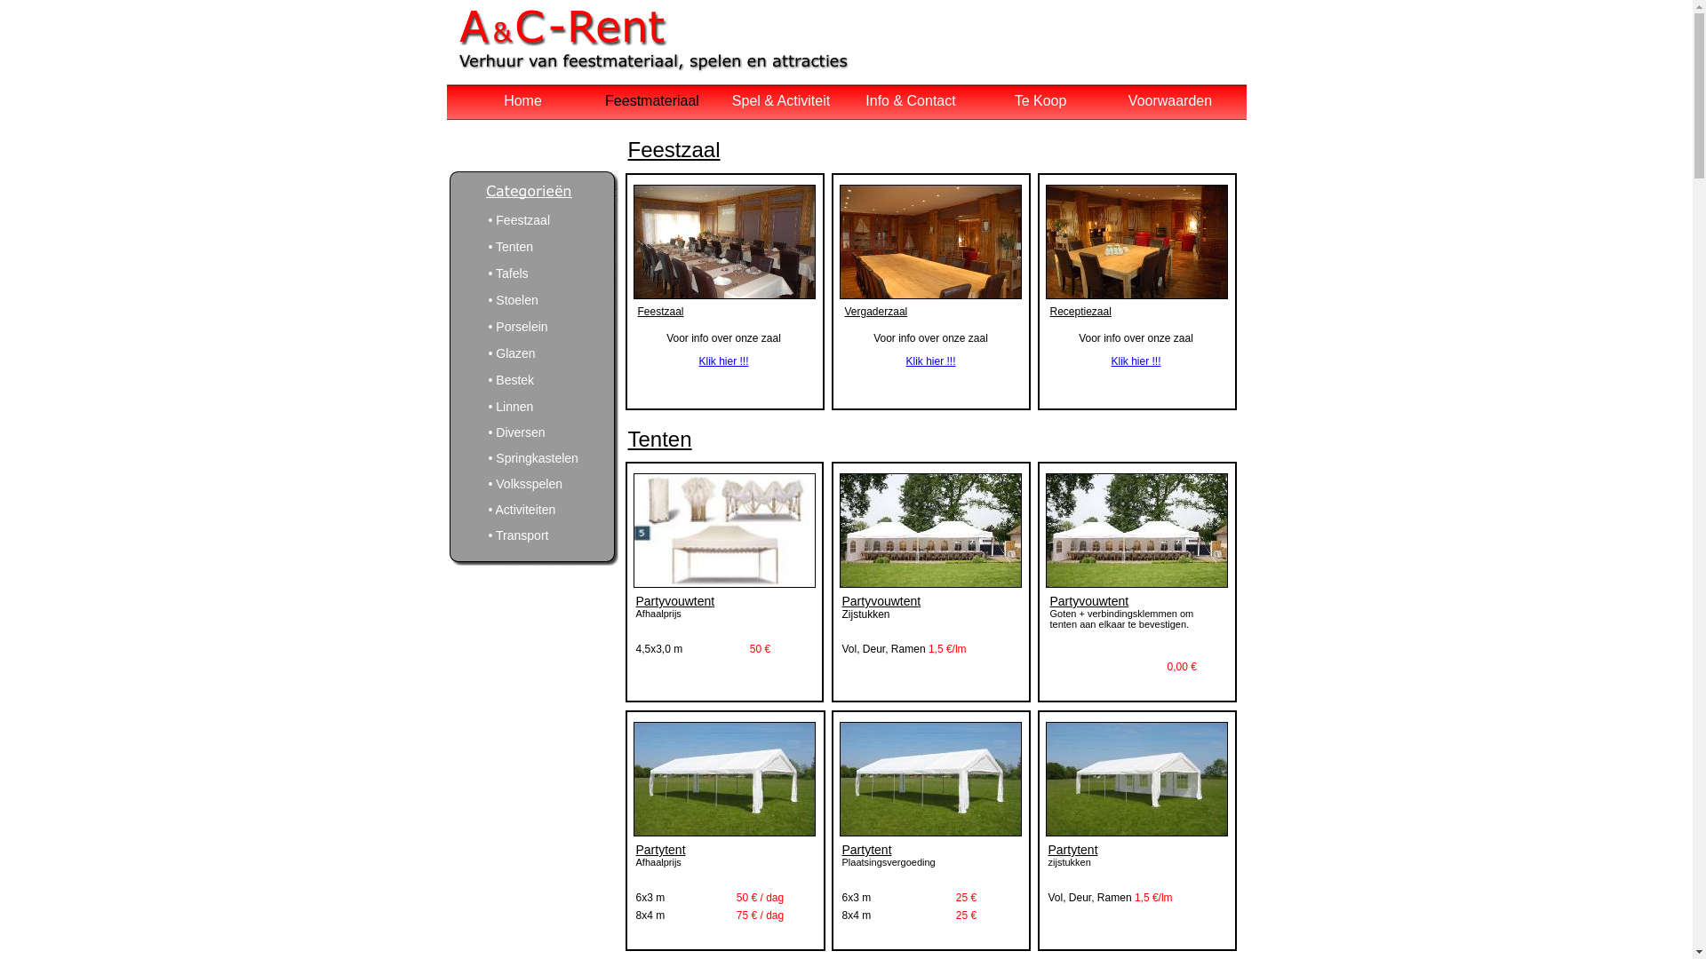  What do you see at coordinates (1169, 100) in the screenshot?
I see `'Voorwaarden'` at bounding box center [1169, 100].